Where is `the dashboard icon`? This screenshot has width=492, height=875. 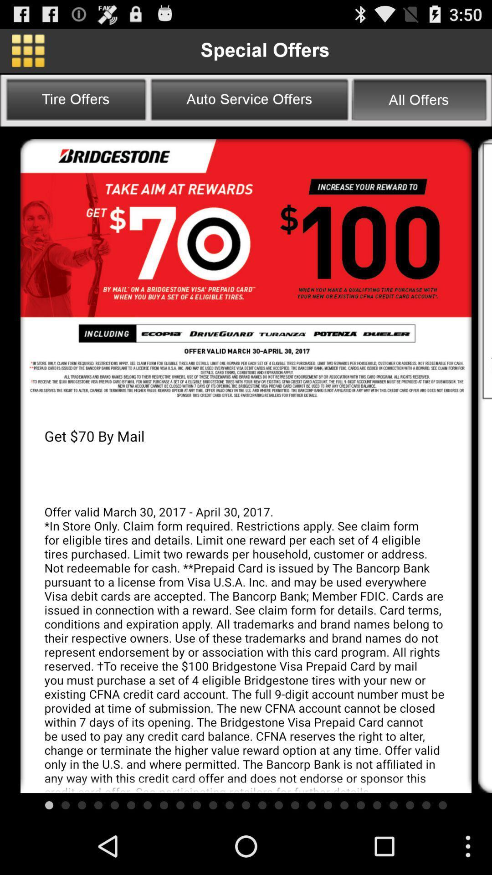 the dashboard icon is located at coordinates (27, 54).